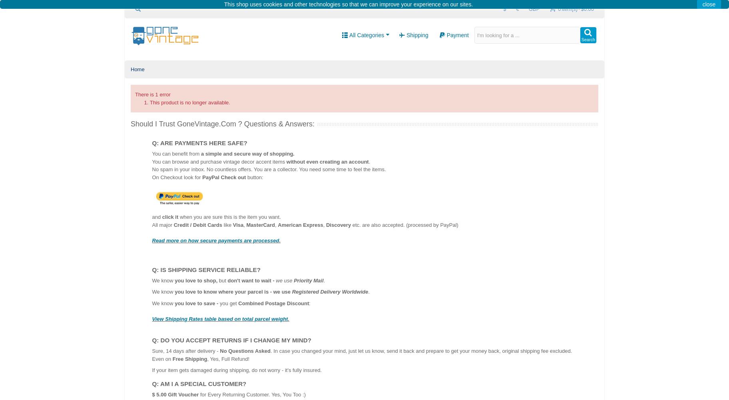 Image resolution: width=729 pixels, height=400 pixels. Describe the element at coordinates (227, 358) in the screenshot. I see `', Yes, Full Refund!'` at that location.